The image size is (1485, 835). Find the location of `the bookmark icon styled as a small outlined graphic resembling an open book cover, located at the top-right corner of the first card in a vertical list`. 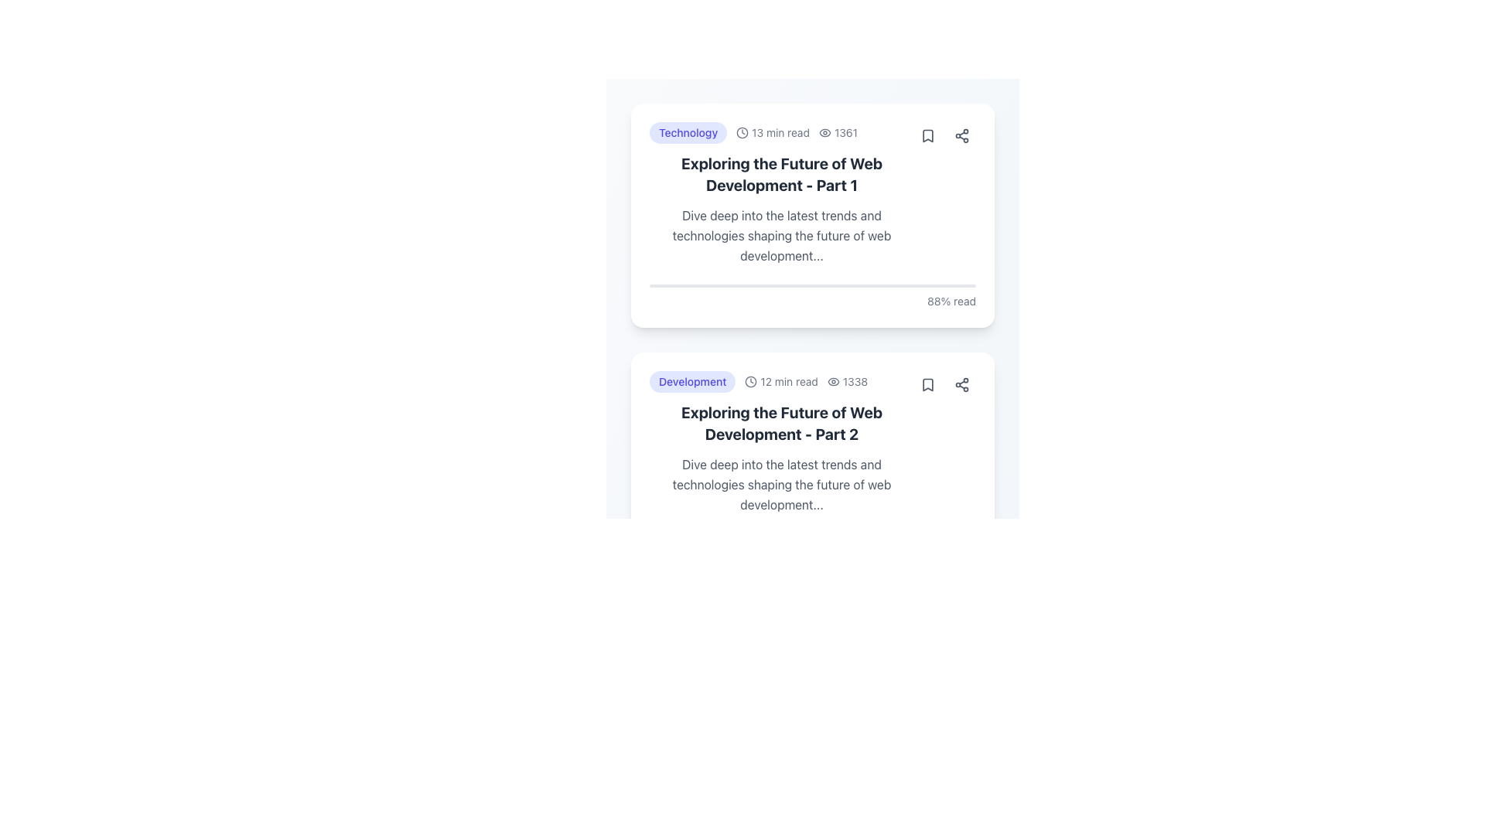

the bookmark icon styled as a small outlined graphic resembling an open book cover, located at the top-right corner of the first card in a vertical list is located at coordinates (928, 135).